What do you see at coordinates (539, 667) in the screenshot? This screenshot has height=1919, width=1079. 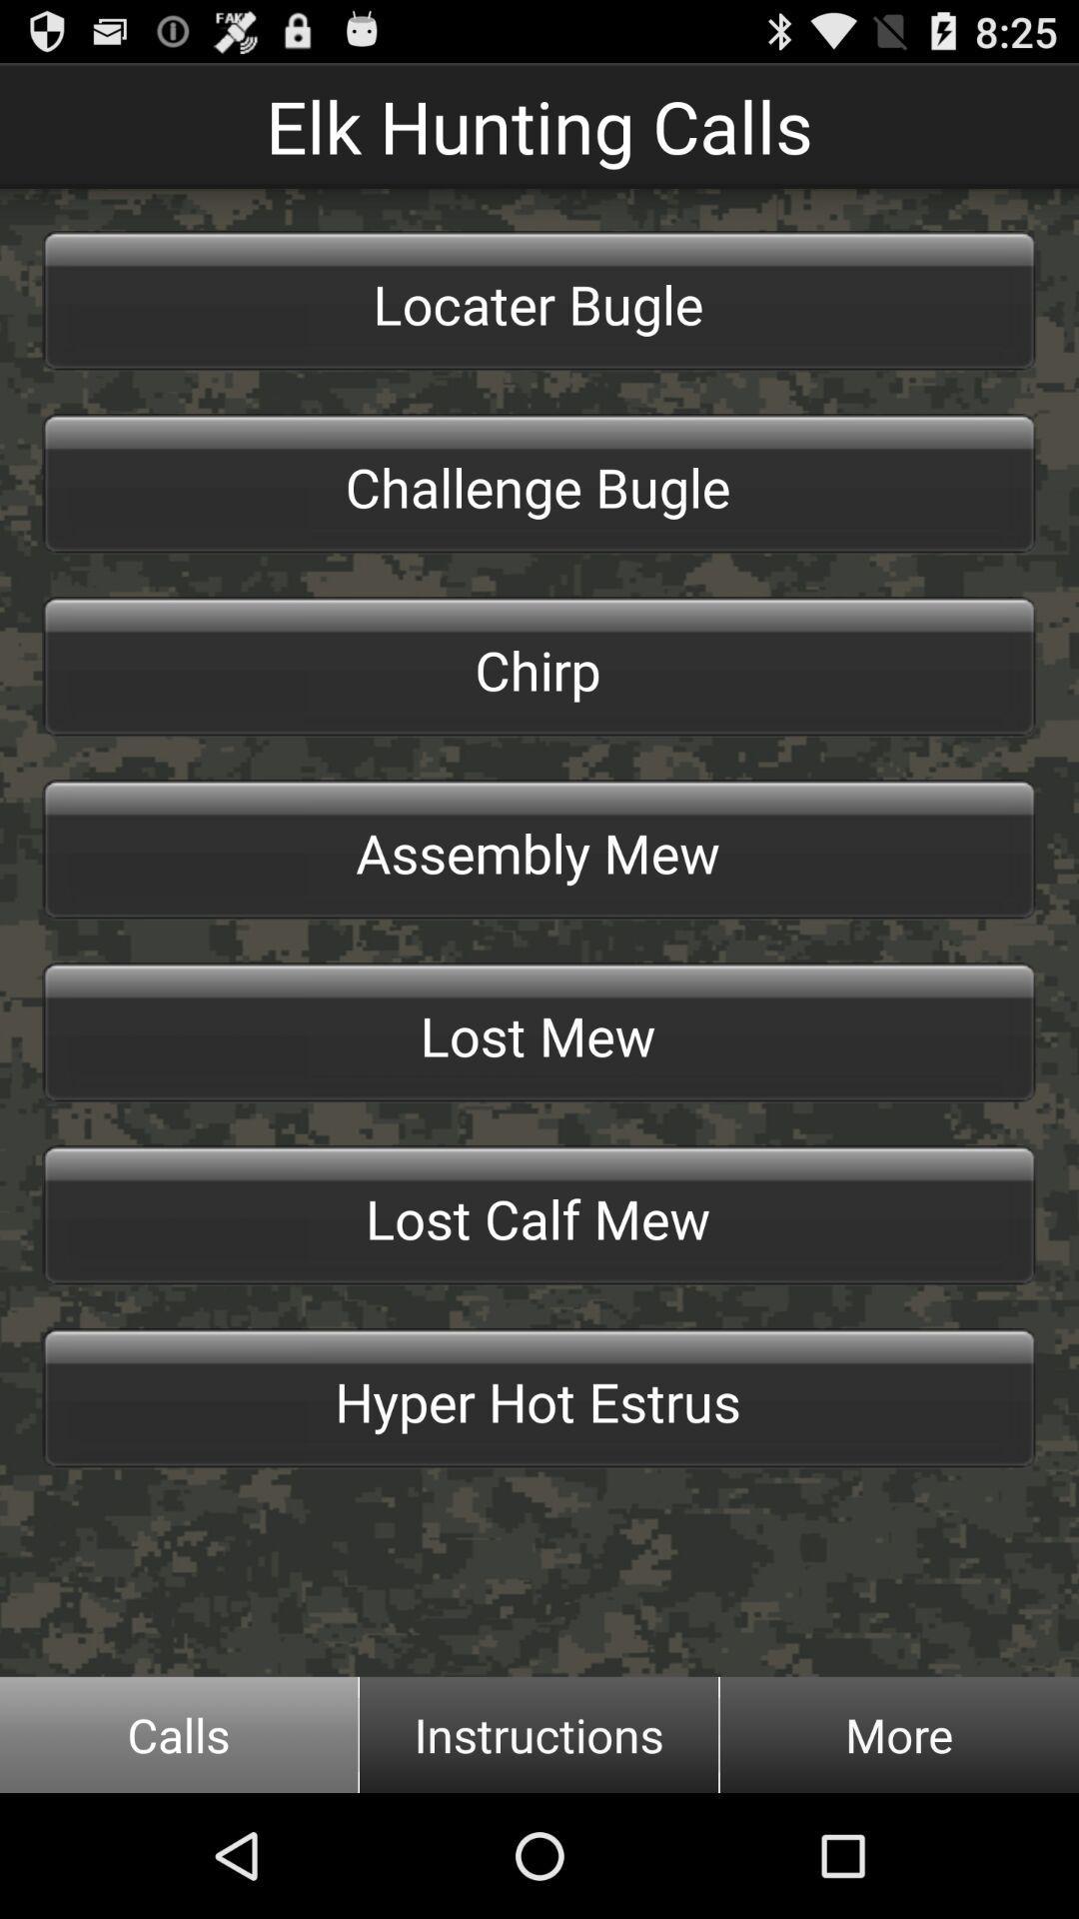 I see `chirp button` at bounding box center [539, 667].